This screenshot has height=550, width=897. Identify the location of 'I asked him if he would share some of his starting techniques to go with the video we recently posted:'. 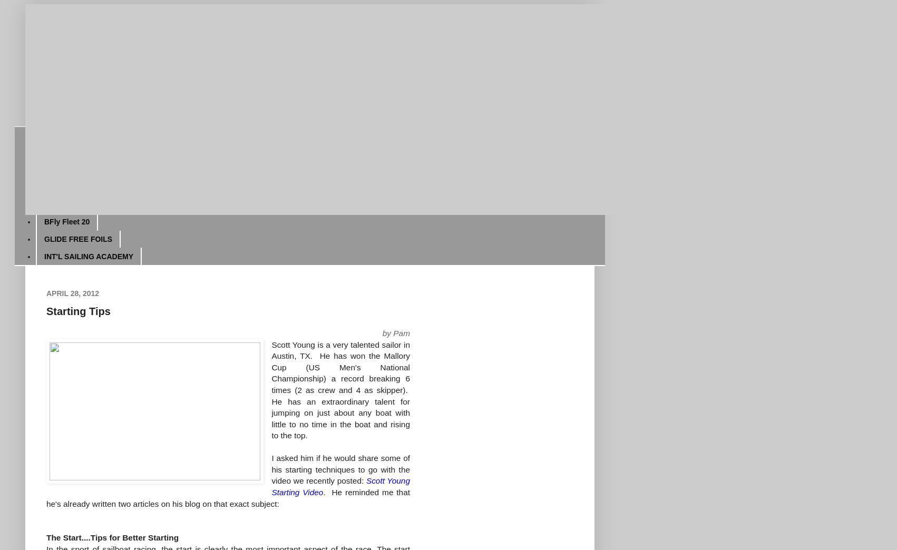
(340, 469).